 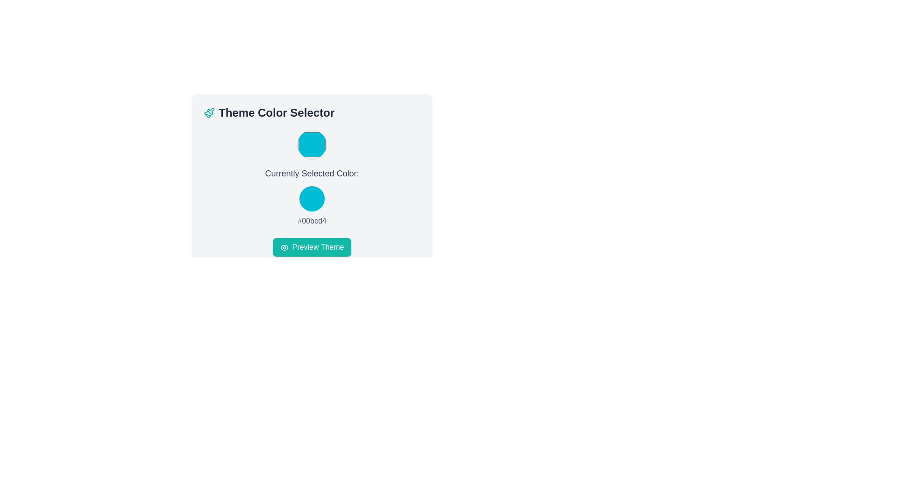 I want to click on displayed color information from the composite display element showing the currently selected color in the 'Theme Color Selector' interface, so click(x=312, y=196).